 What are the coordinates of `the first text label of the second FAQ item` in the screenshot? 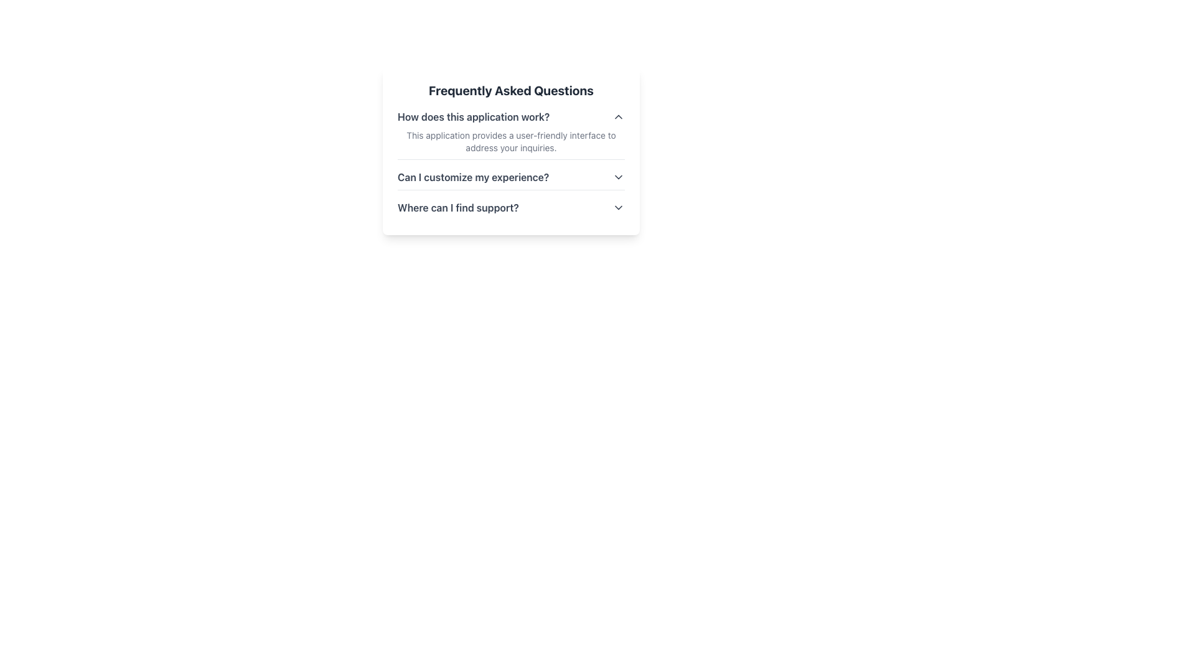 It's located at (472, 177).